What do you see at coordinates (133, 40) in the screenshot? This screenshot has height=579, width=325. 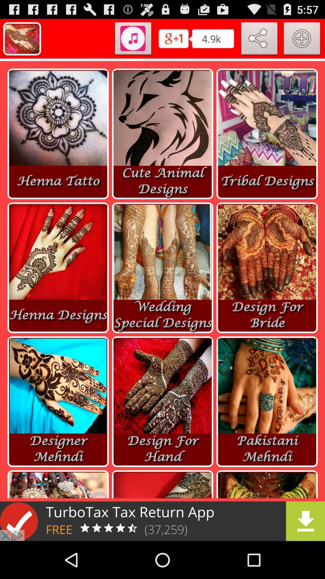 I see `music button` at bounding box center [133, 40].